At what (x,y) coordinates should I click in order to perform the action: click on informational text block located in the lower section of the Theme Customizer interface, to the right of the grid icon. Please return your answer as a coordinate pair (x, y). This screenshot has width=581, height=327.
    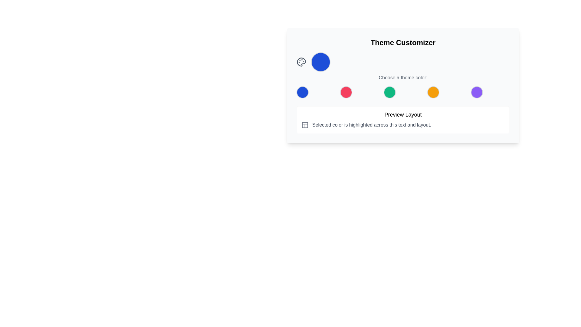
    Looking at the image, I should click on (371, 124).